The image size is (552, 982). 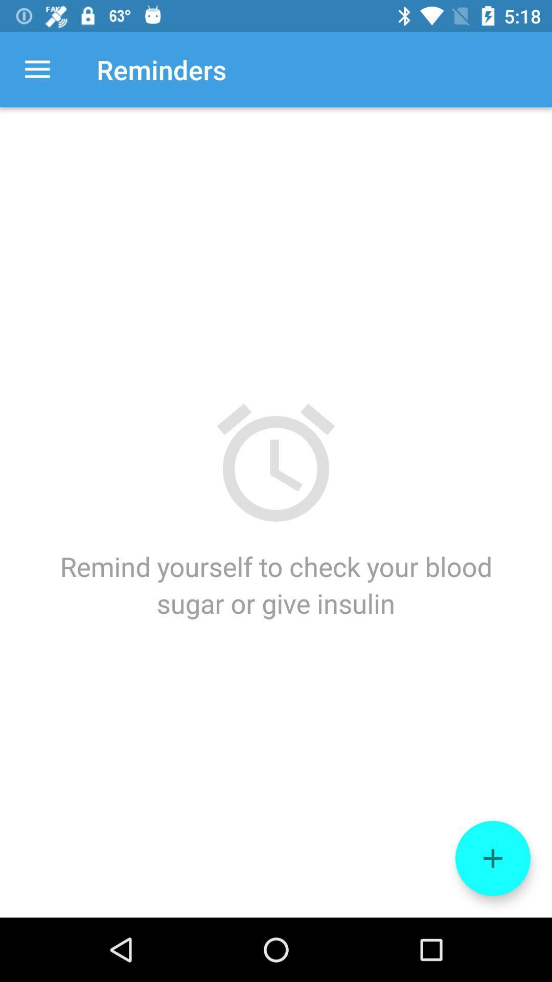 I want to click on the item at the bottom right corner, so click(x=492, y=858).